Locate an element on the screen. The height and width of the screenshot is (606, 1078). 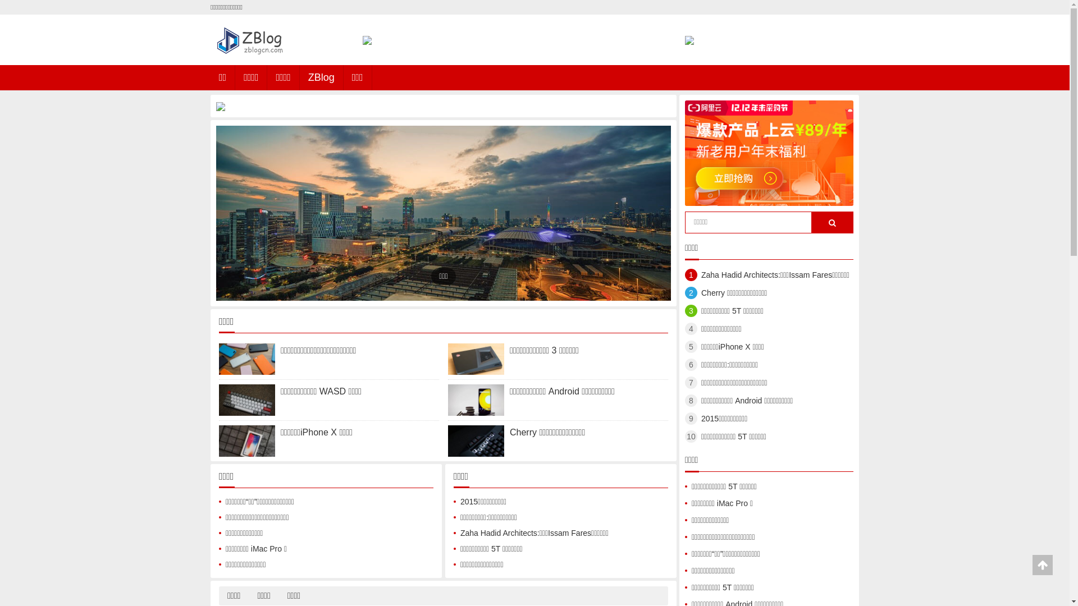
'ZBlog' is located at coordinates (299, 77).